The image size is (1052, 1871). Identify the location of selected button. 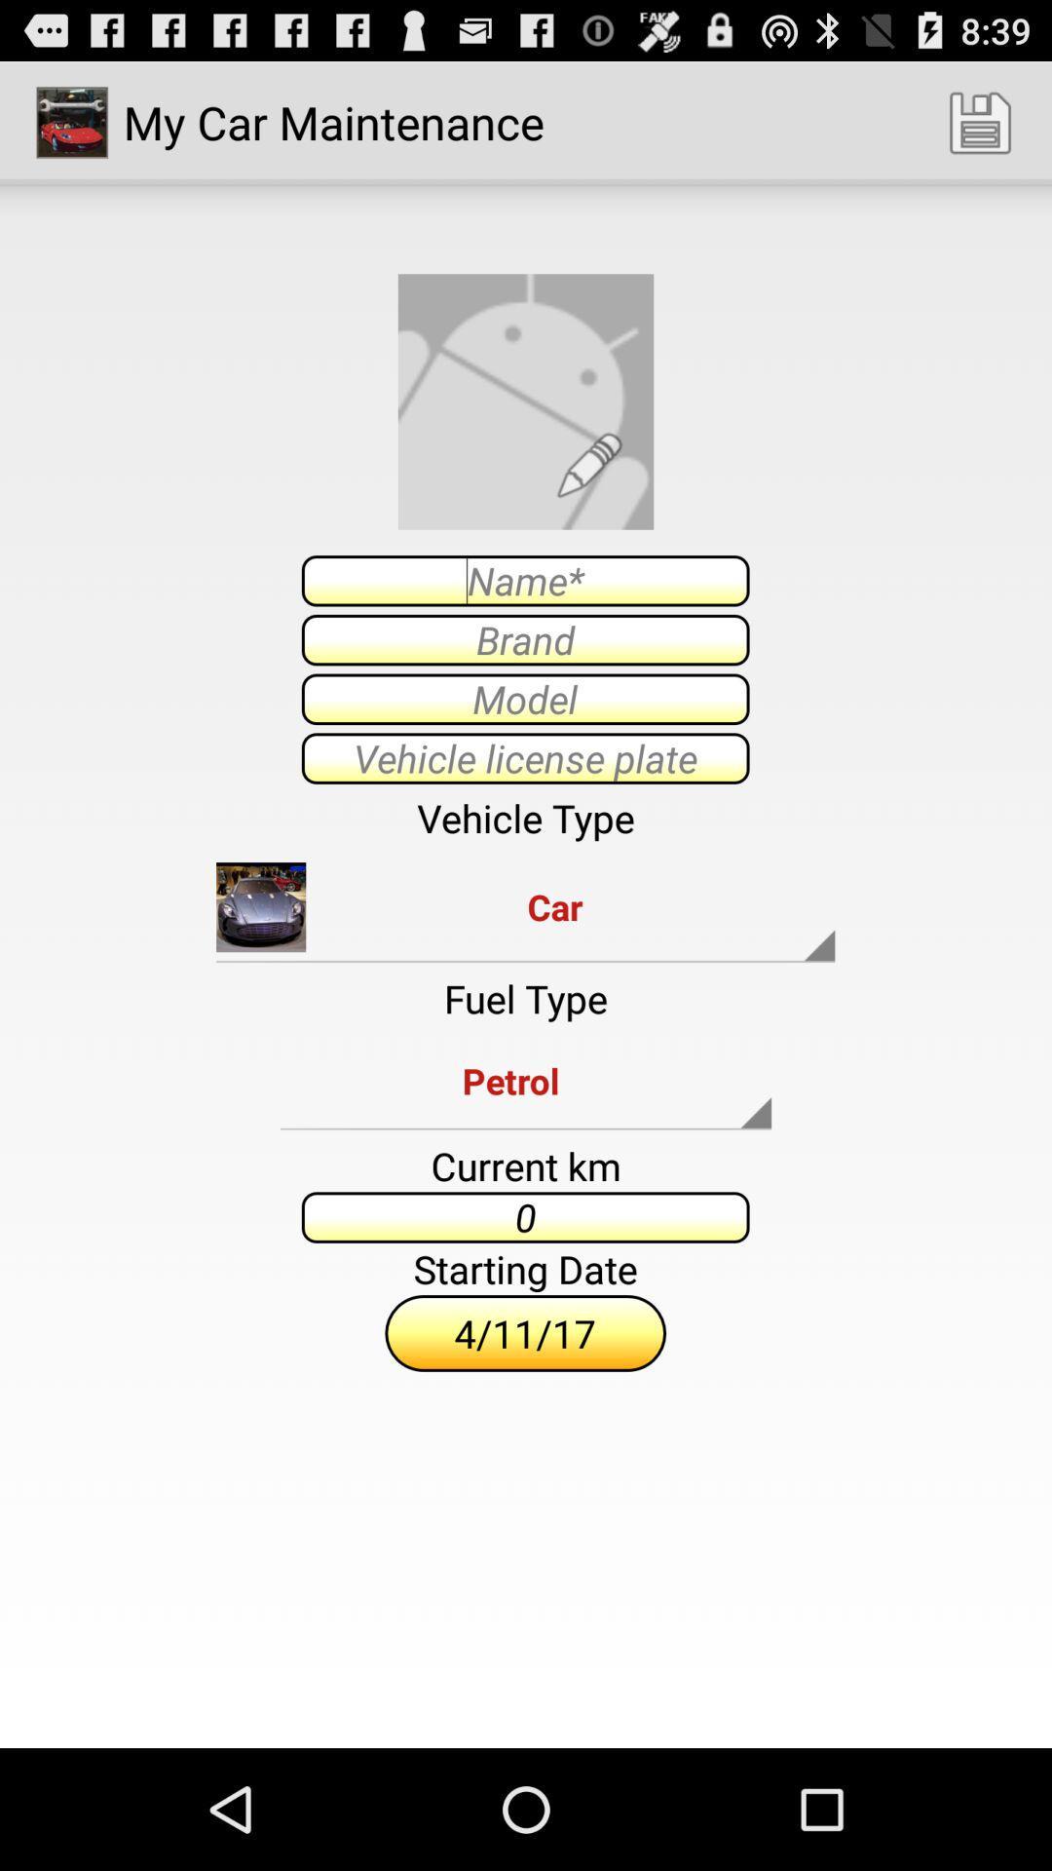
(524, 699).